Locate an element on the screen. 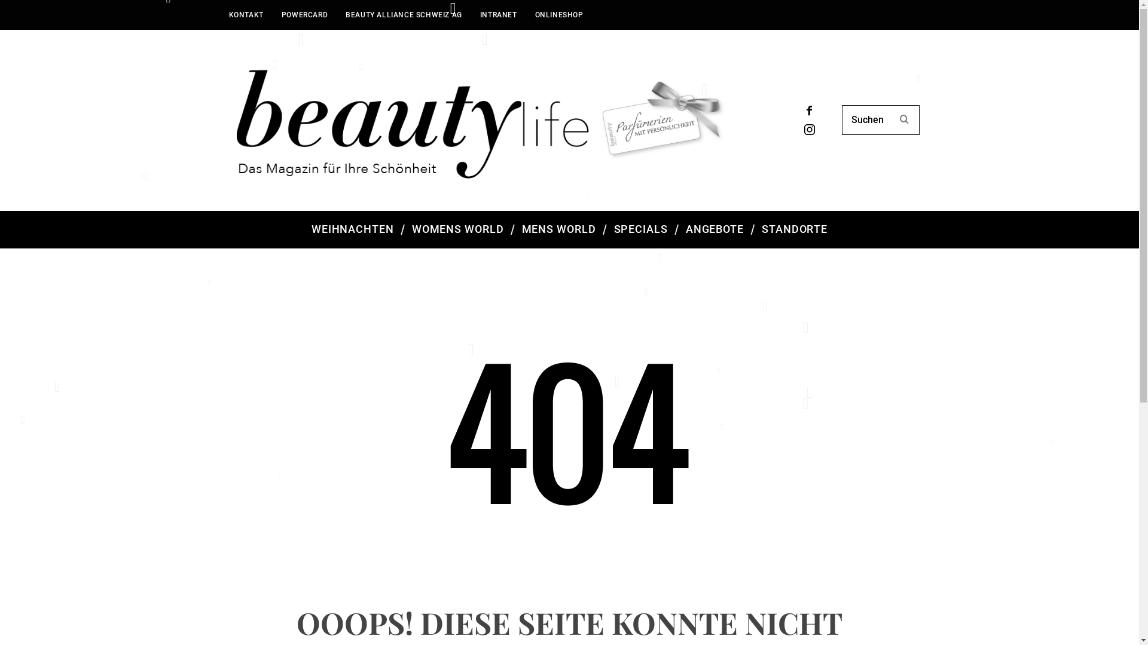 The width and height of the screenshot is (1148, 645). 'STANDORTE' is located at coordinates (795, 229).